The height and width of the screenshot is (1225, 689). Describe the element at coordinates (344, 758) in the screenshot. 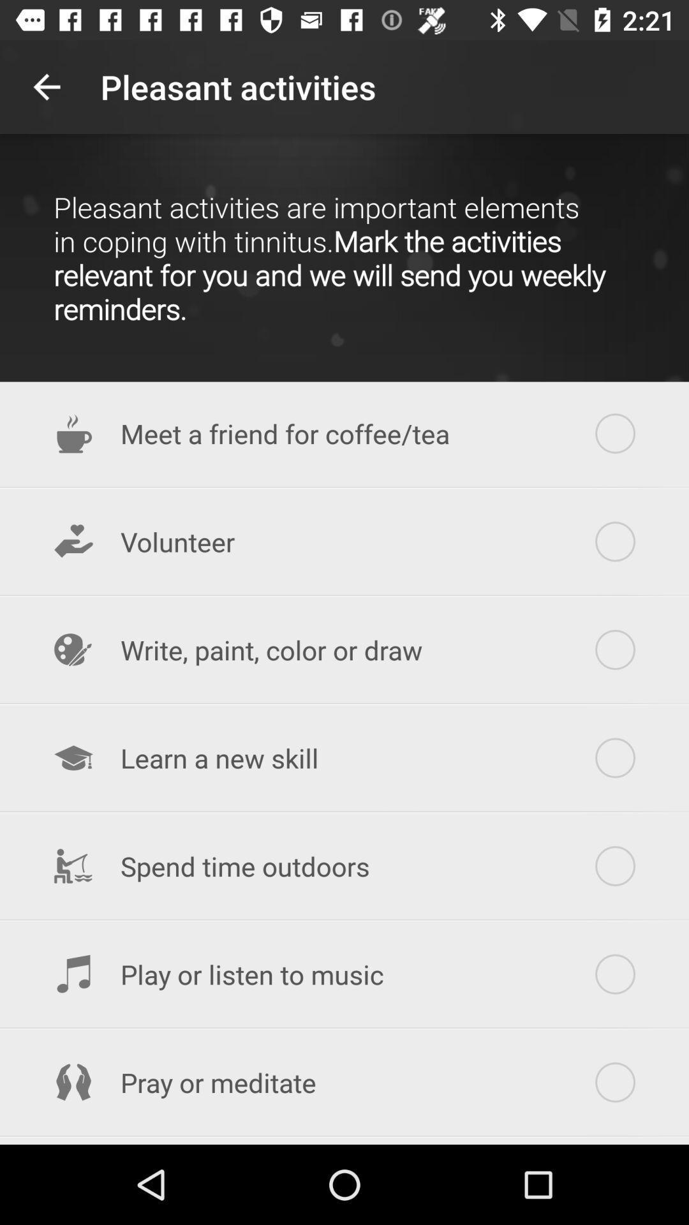

I see `the learn a new` at that location.